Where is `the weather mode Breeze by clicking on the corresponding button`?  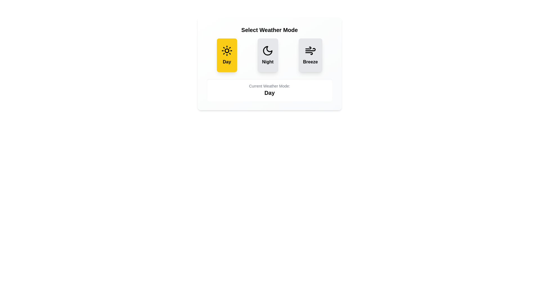
the weather mode Breeze by clicking on the corresponding button is located at coordinates (310, 55).